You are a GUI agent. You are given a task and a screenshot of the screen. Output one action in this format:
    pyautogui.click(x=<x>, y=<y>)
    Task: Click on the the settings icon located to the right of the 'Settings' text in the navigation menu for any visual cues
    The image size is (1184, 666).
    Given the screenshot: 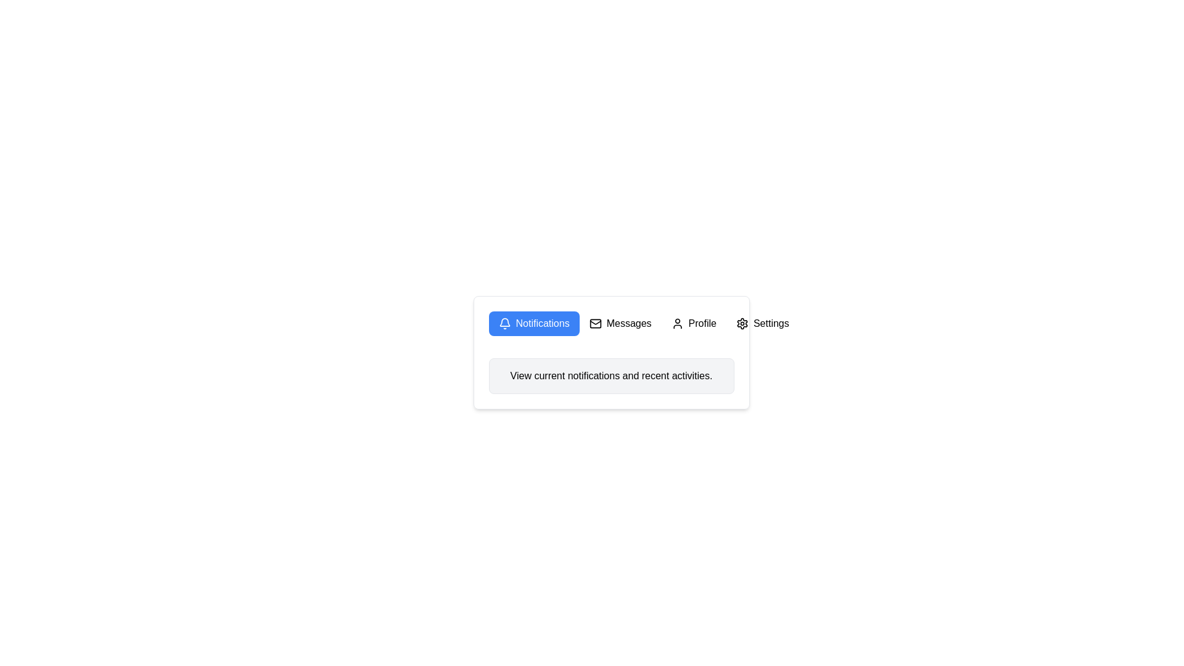 What is the action you would take?
    pyautogui.click(x=742, y=323)
    